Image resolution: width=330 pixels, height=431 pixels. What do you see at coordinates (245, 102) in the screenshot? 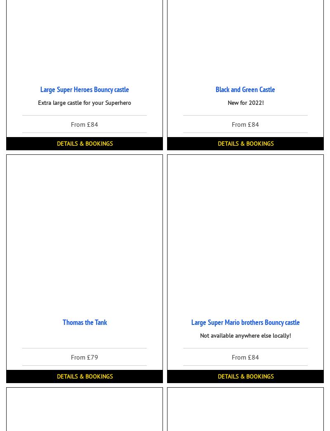
I see `'New for 2022!'` at bounding box center [245, 102].